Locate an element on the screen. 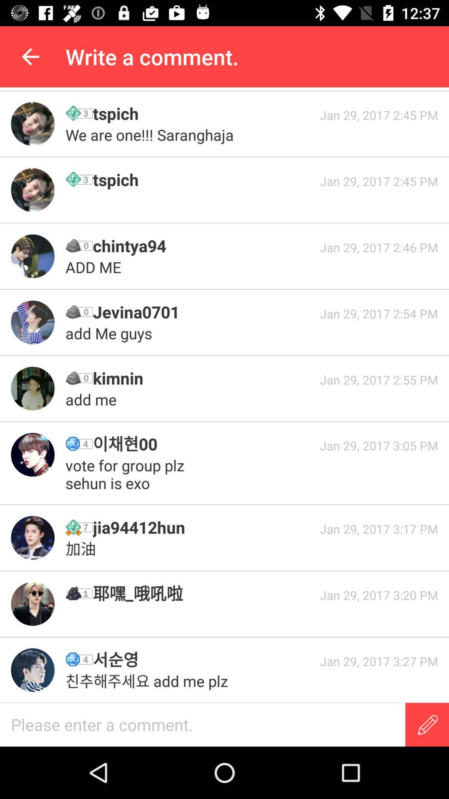 The width and height of the screenshot is (449, 799). click profile photo is located at coordinates (32, 256).